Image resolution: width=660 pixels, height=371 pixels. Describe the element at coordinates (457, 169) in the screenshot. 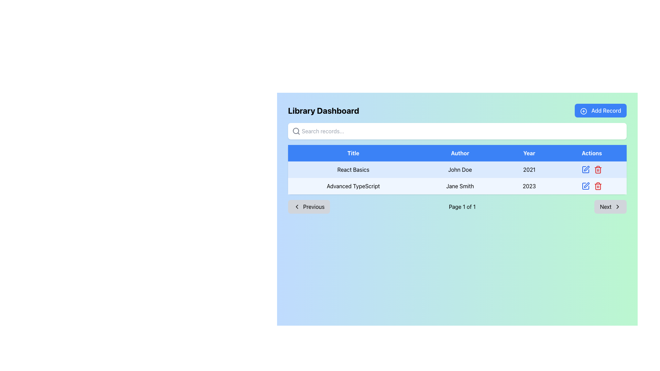

I see `the first row of the table that displays information about a book or course title, its author, and publication year` at that location.